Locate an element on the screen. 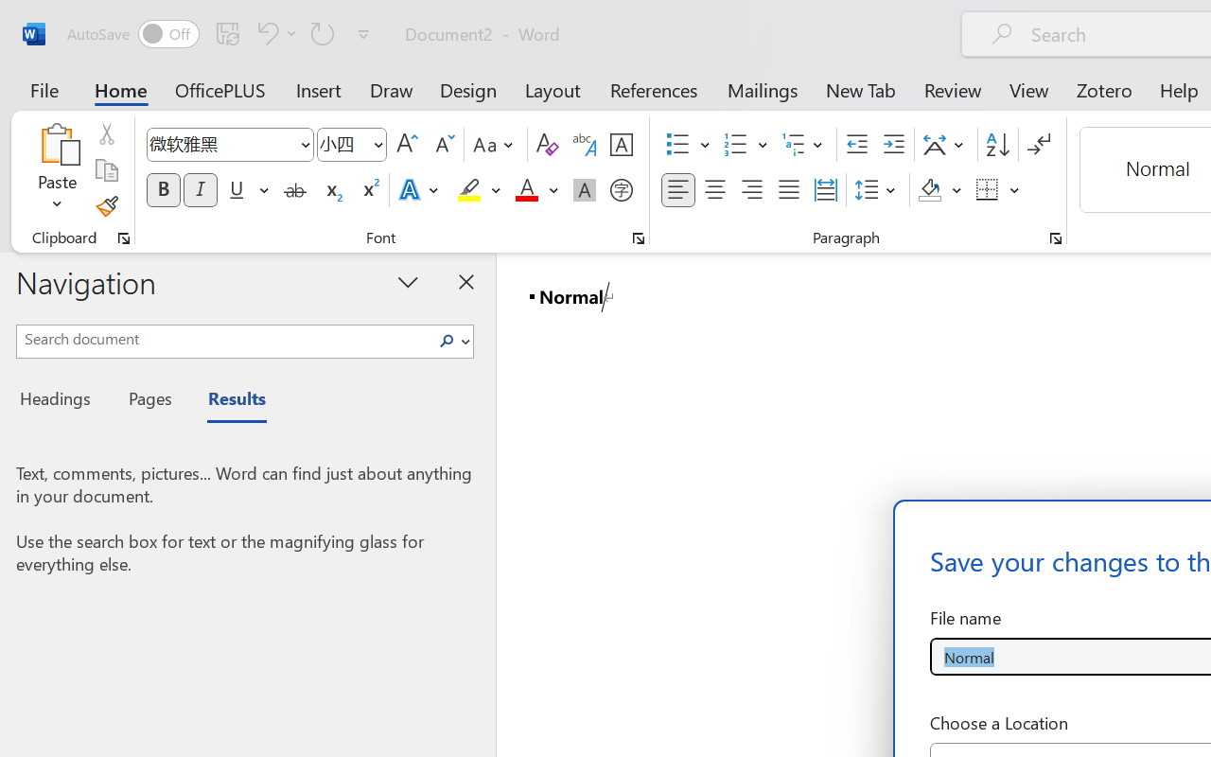 The image size is (1211, 757). 'AutoSave' is located at coordinates (132, 33).